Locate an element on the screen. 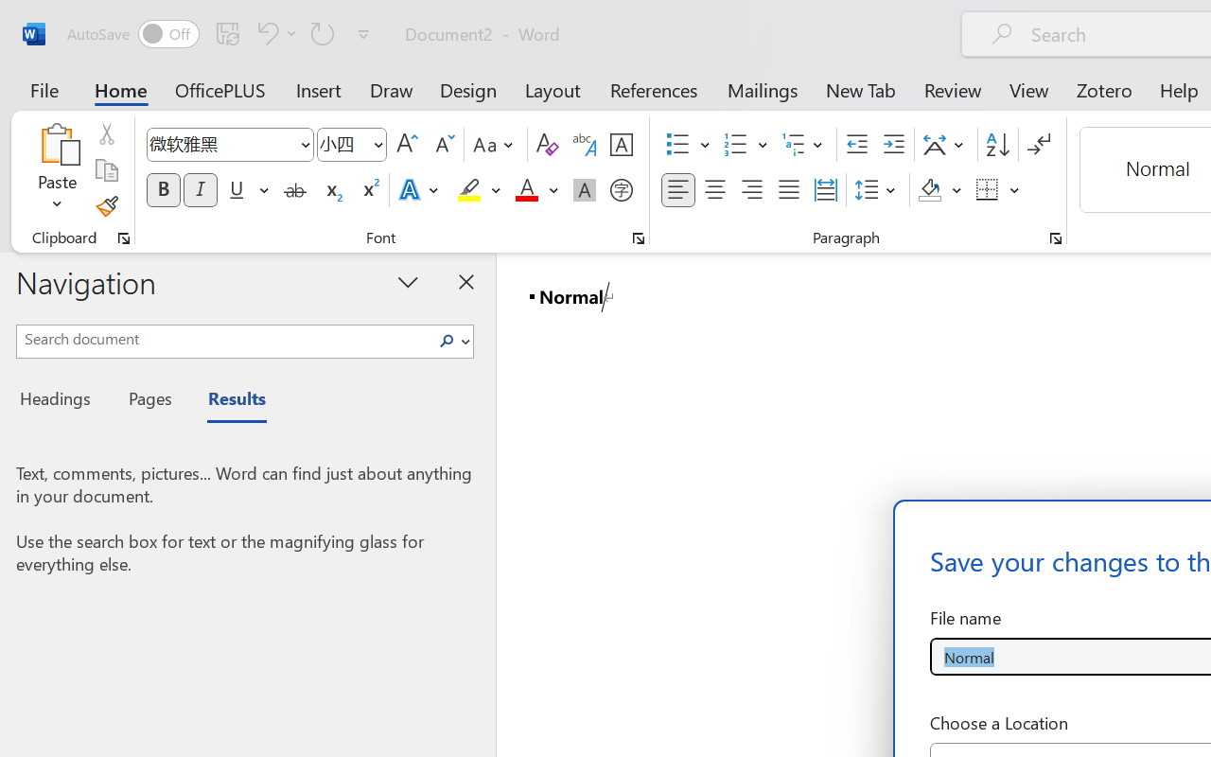 The image size is (1211, 757). 'AutoSave' is located at coordinates (132, 33).